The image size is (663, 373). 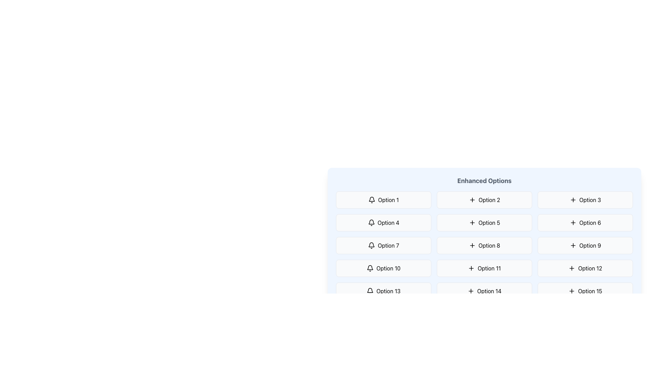 I want to click on the plus symbol decorative icon associated with the 'Option 2' button in the 'Enhanced Options' grid layout, so click(x=472, y=200).